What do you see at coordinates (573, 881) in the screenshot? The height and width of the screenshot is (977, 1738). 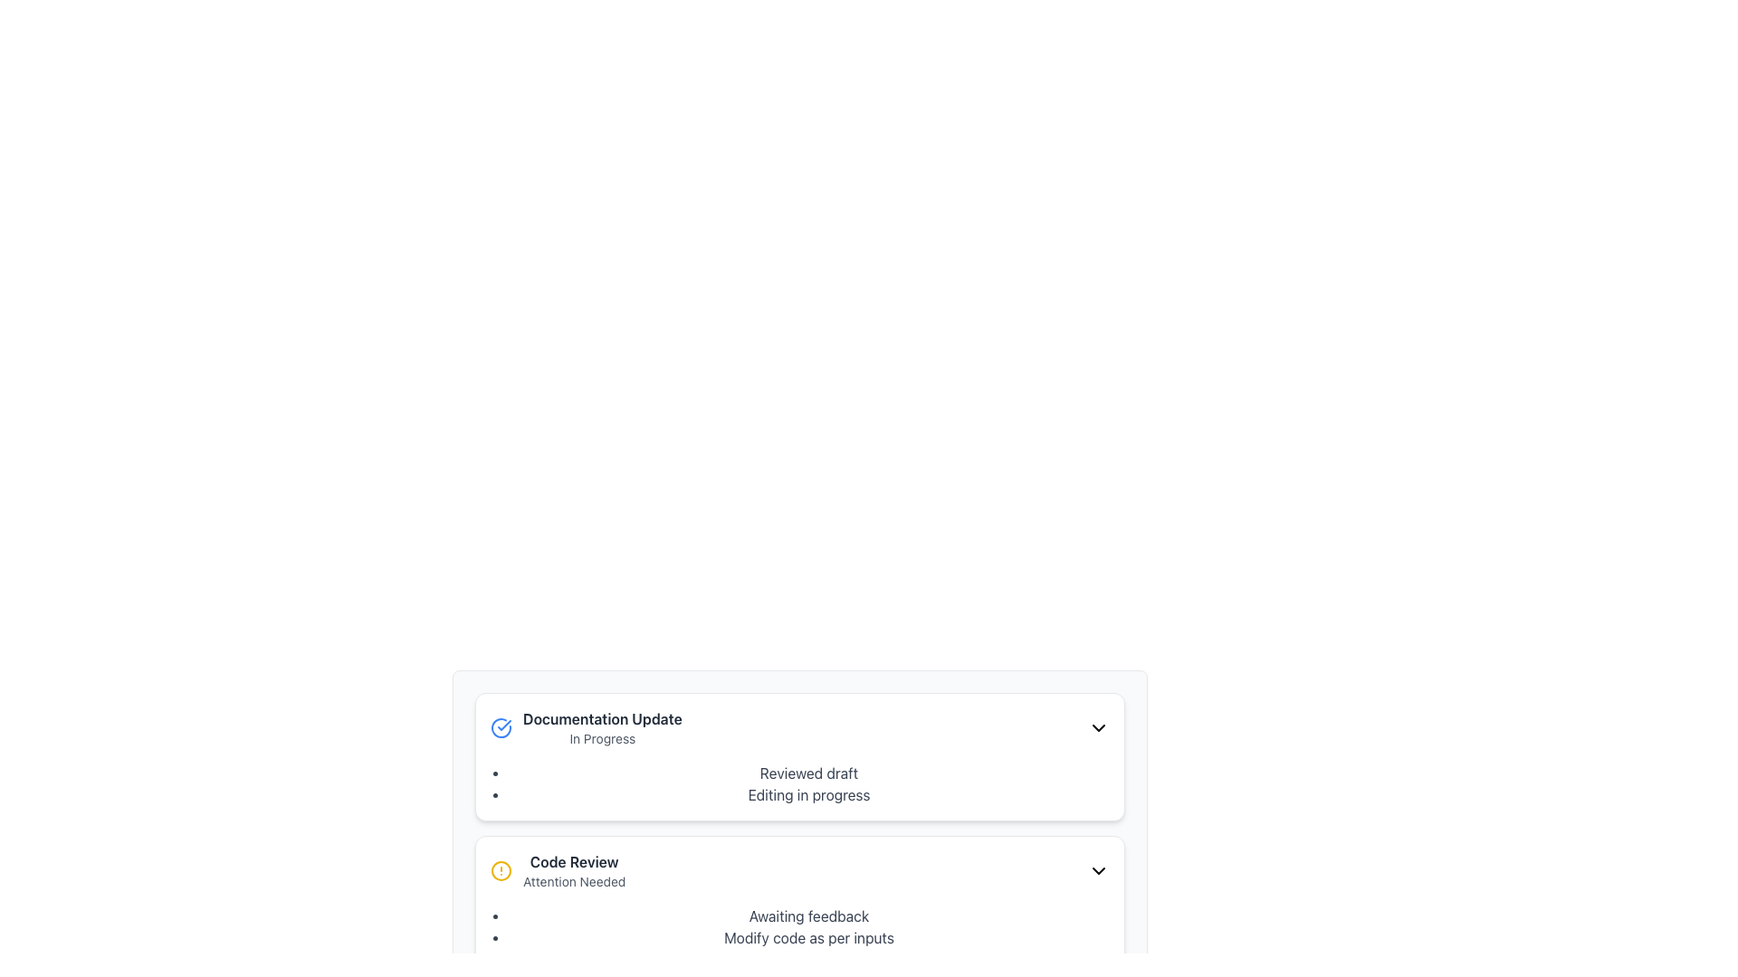 I see `text of the status indicator located beneath the 'Code Review' label, which serves as a message for prioritized tasks` at bounding box center [573, 881].